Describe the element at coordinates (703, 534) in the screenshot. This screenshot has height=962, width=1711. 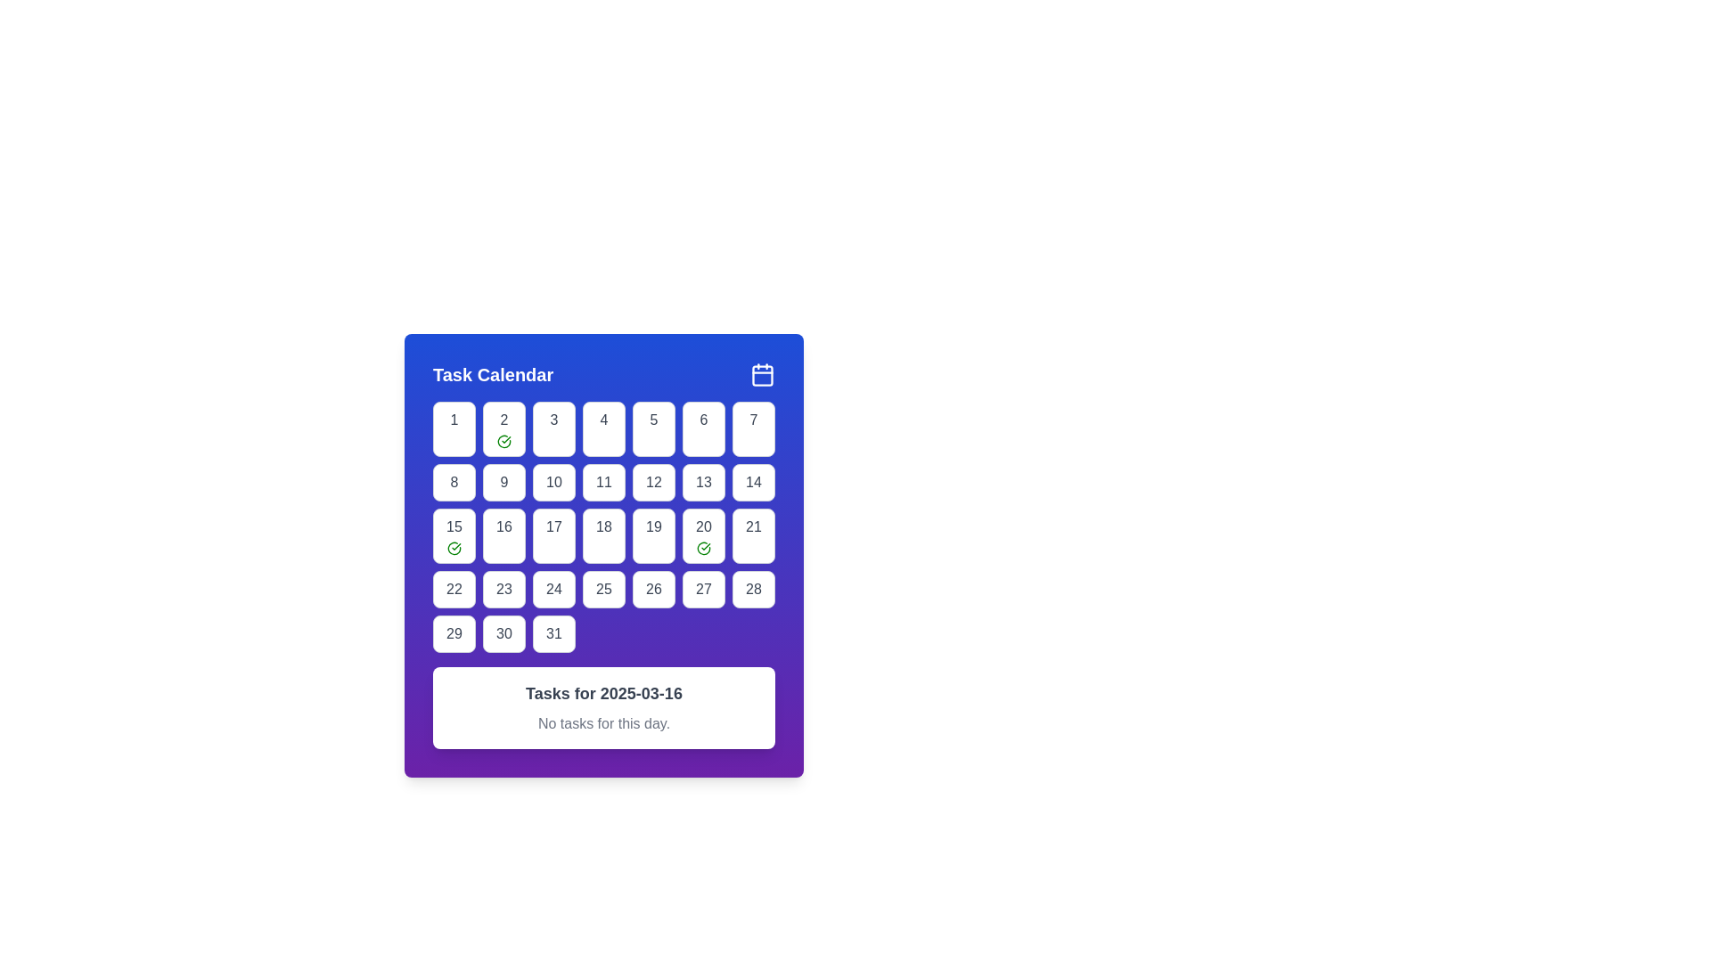
I see `the button-like grid item representing the 20th day of the month in the calendar, located in the third row and sixth column of the grid layout` at that location.